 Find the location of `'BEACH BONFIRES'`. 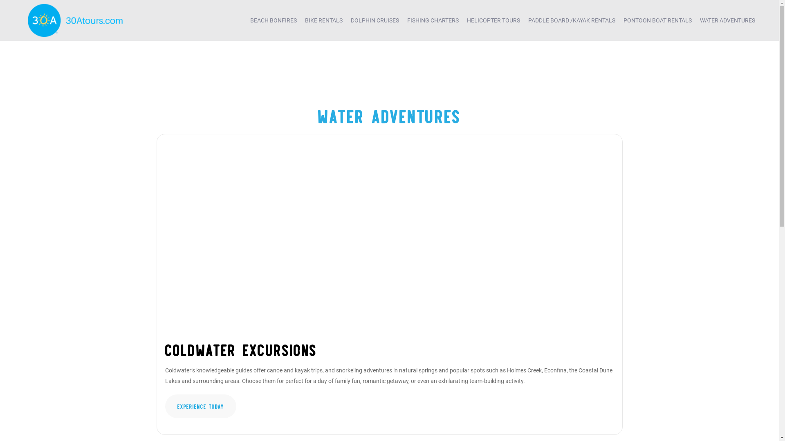

'BEACH BONFIRES' is located at coordinates (245, 20).